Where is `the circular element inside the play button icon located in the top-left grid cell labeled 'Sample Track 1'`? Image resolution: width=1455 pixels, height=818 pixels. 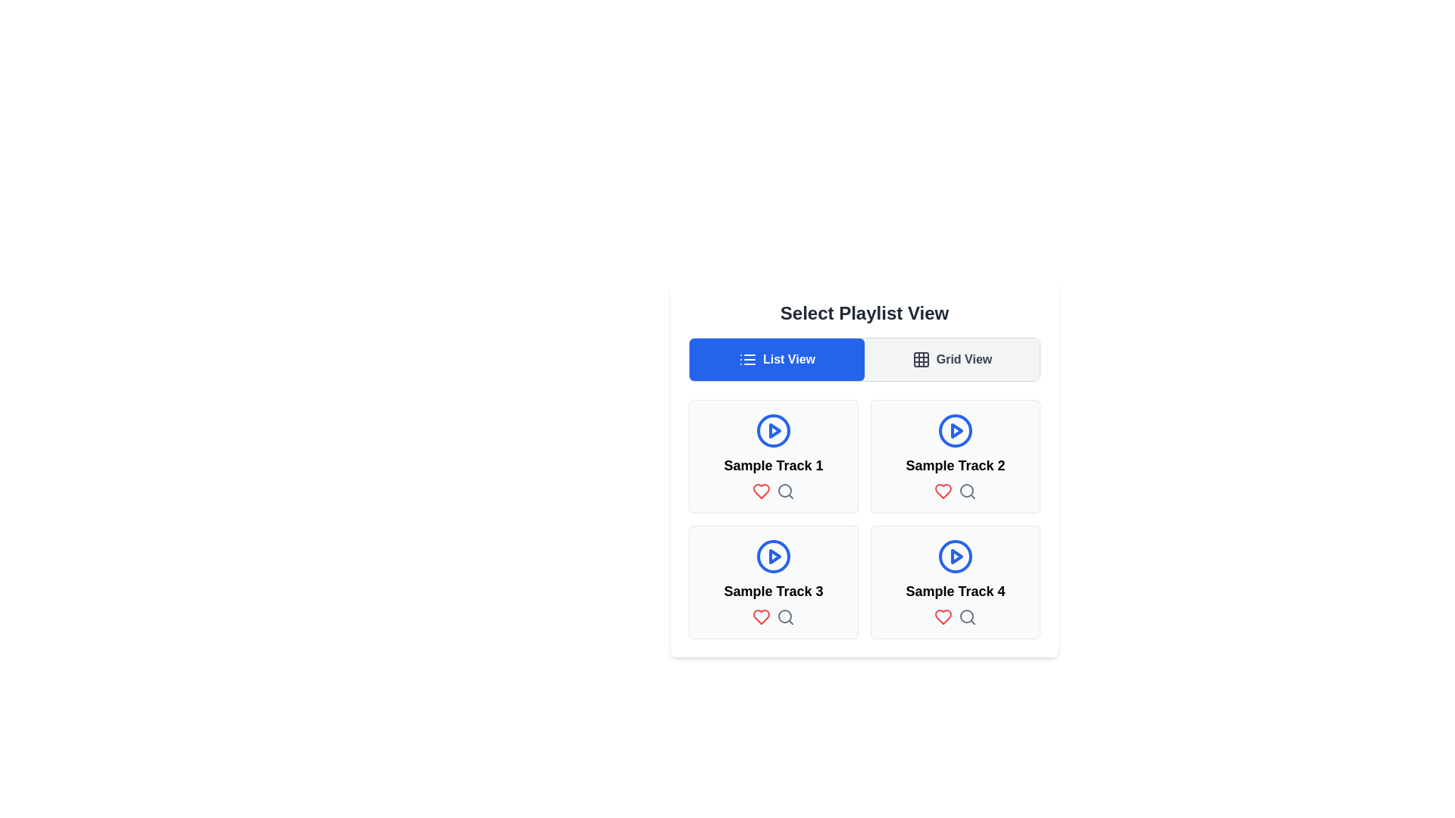 the circular element inside the play button icon located in the top-left grid cell labeled 'Sample Track 1' is located at coordinates (774, 431).